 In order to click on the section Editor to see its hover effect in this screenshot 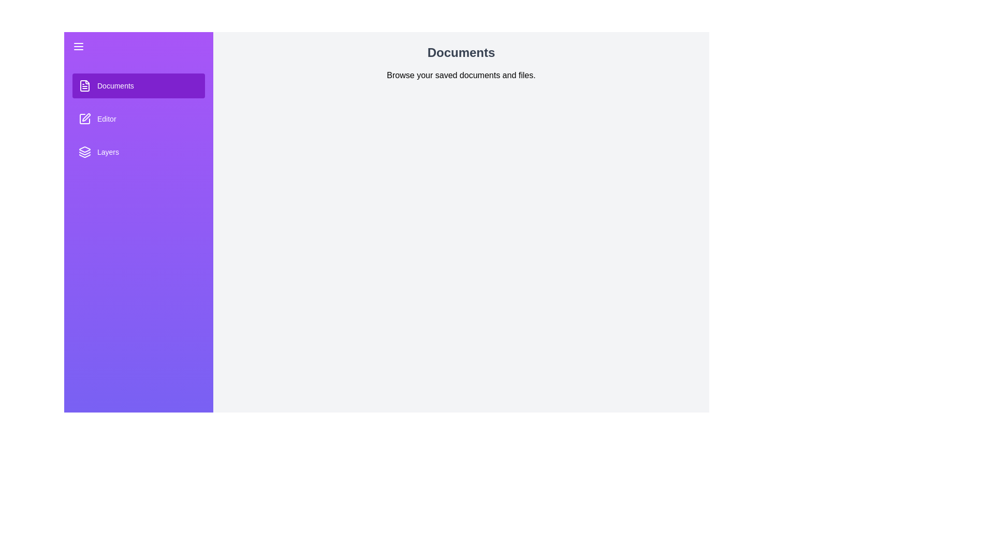, I will do `click(138, 119)`.